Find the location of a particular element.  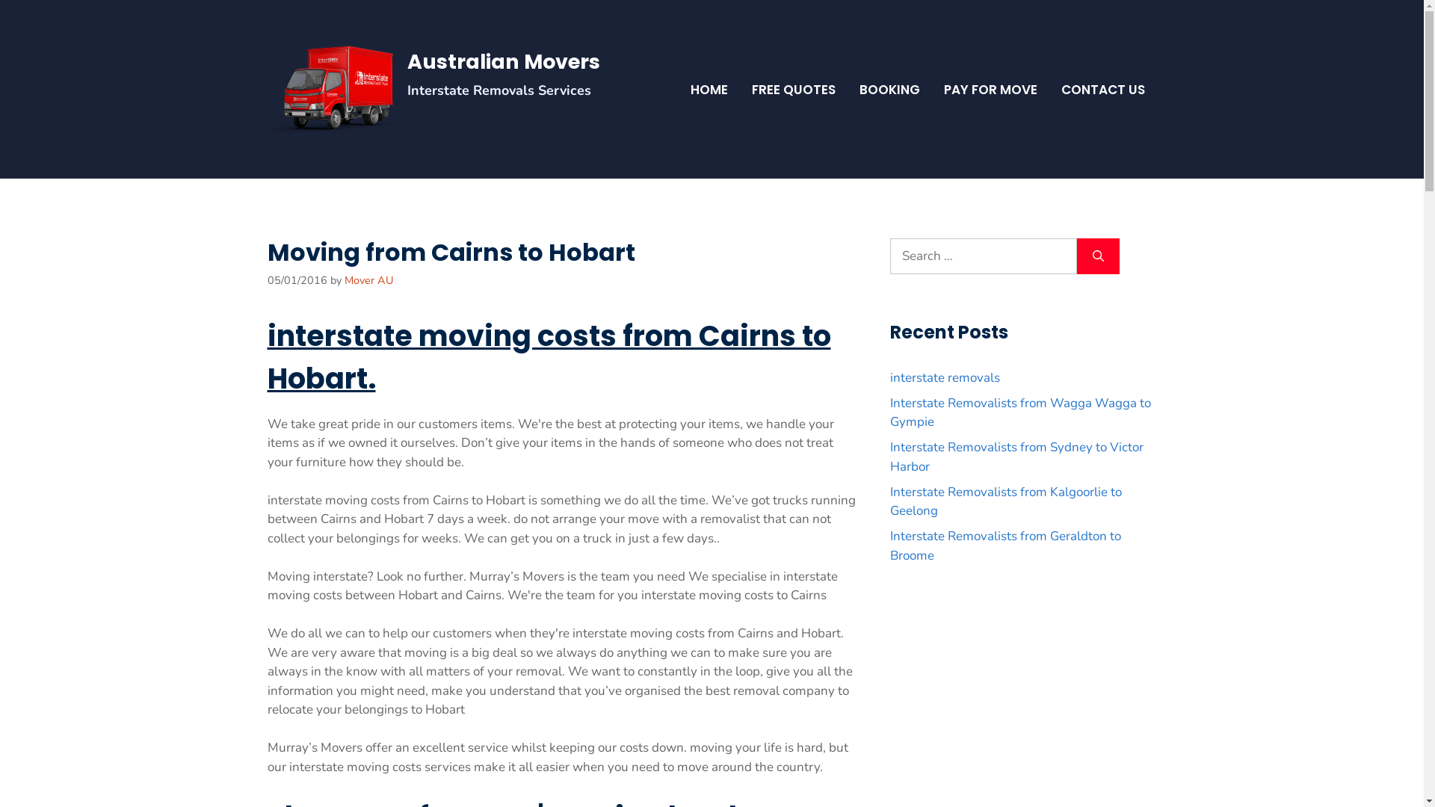

'Australian Movers' is located at coordinates (502, 61).